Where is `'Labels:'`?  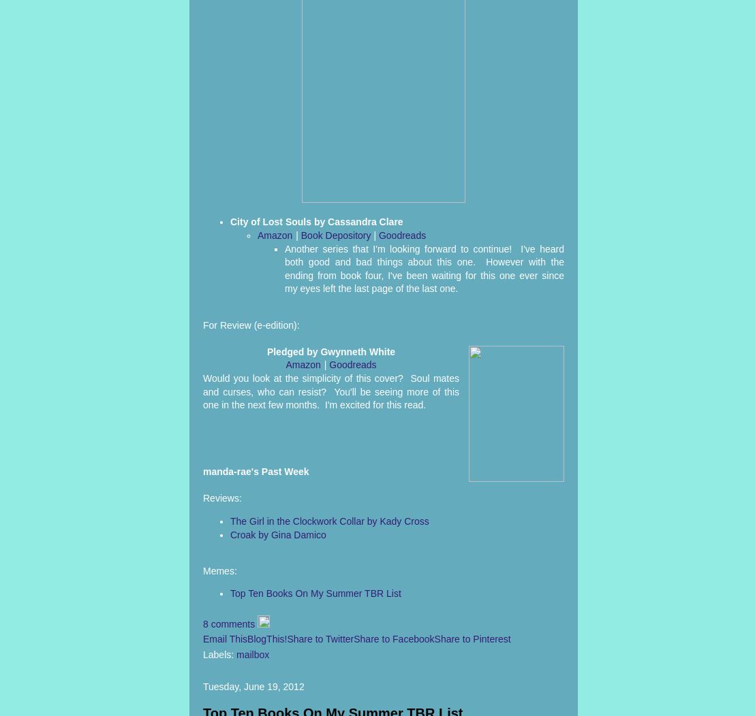
'Labels:' is located at coordinates (219, 653).